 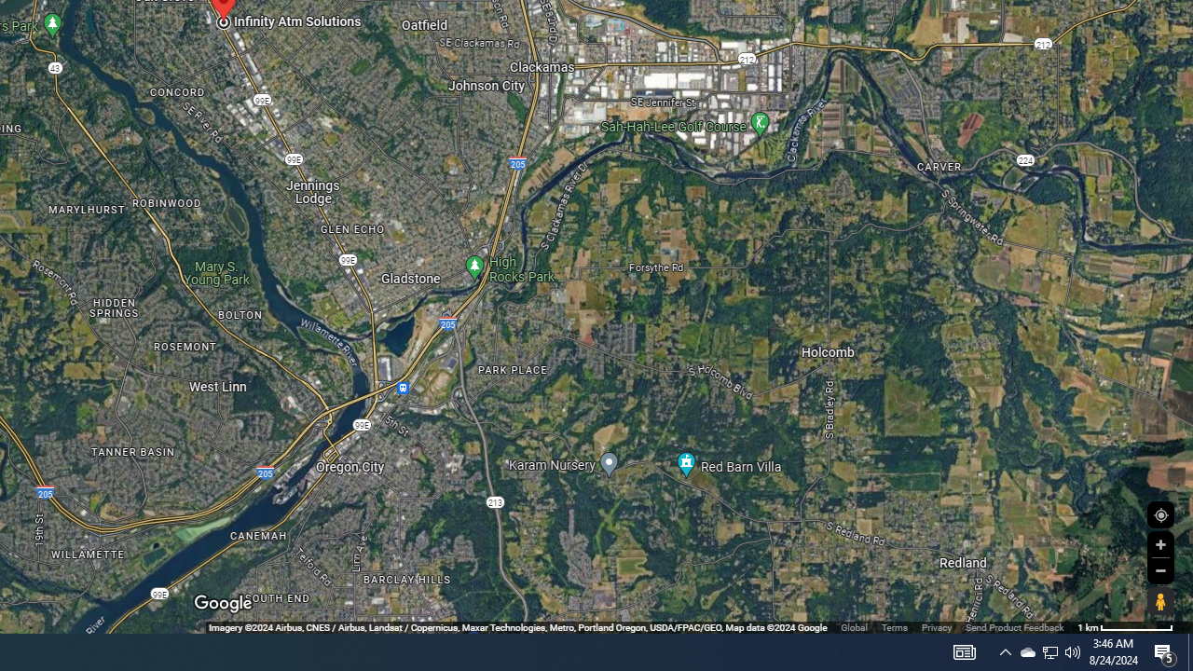 I want to click on 'Zoom in', so click(x=1159, y=544).